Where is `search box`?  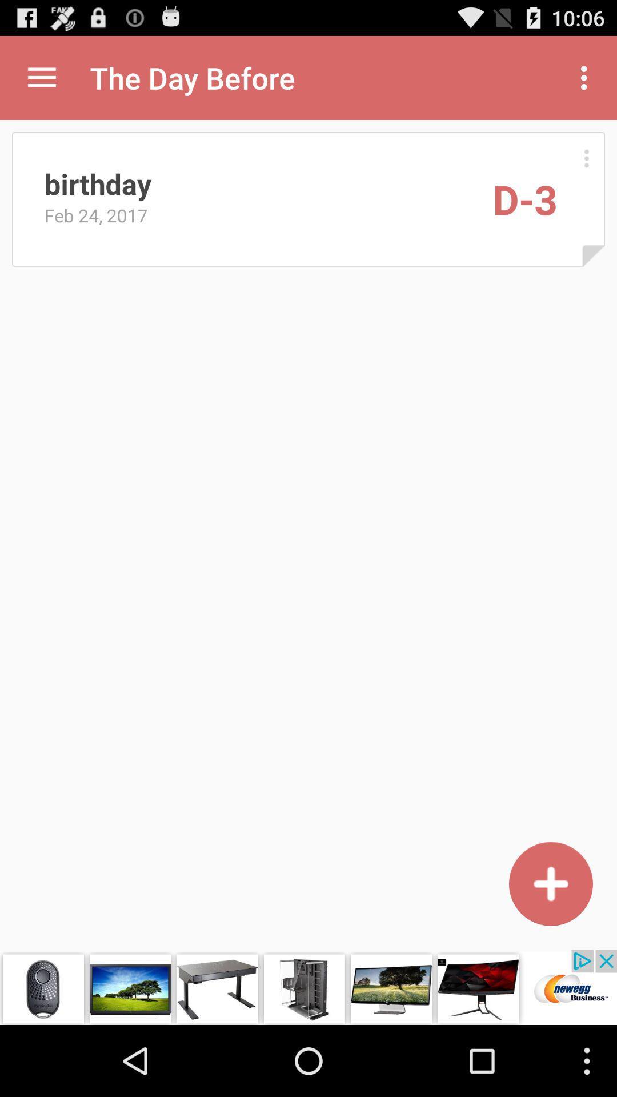 search box is located at coordinates (550, 883).